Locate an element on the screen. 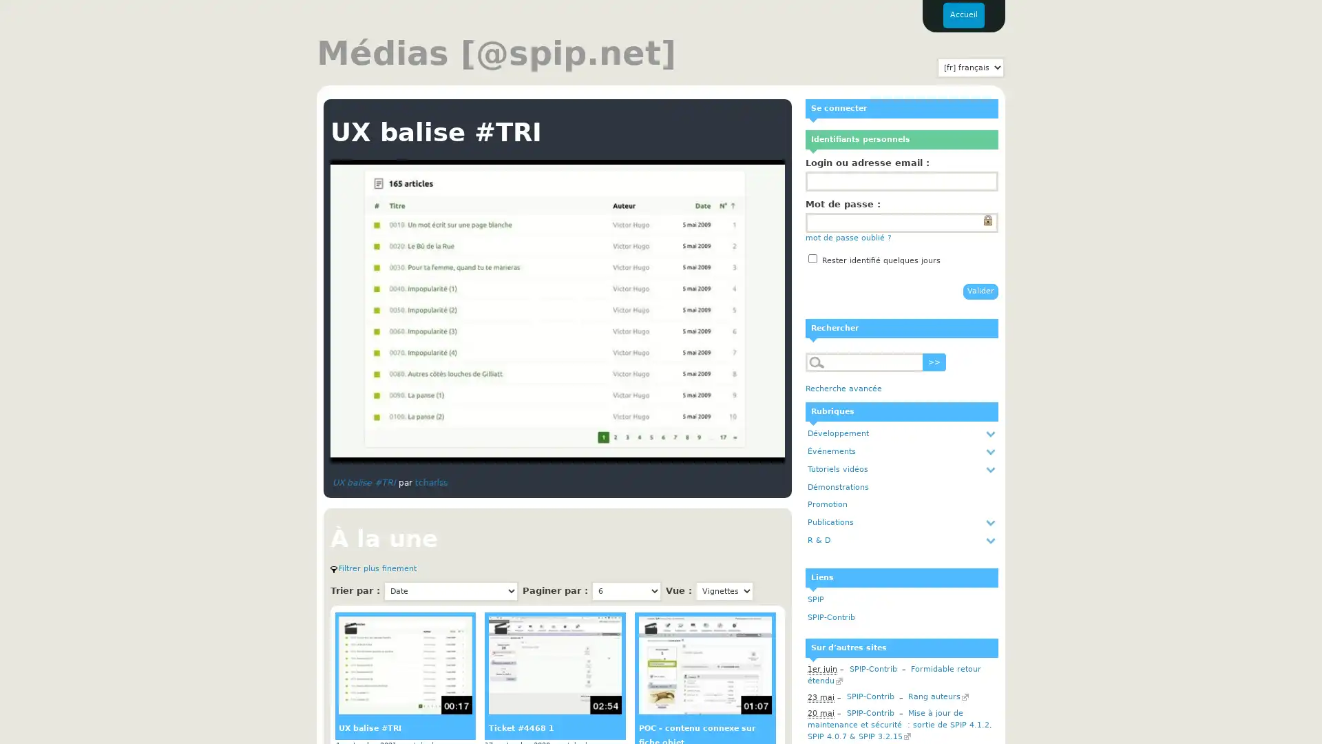  Valider is located at coordinates (980, 290).